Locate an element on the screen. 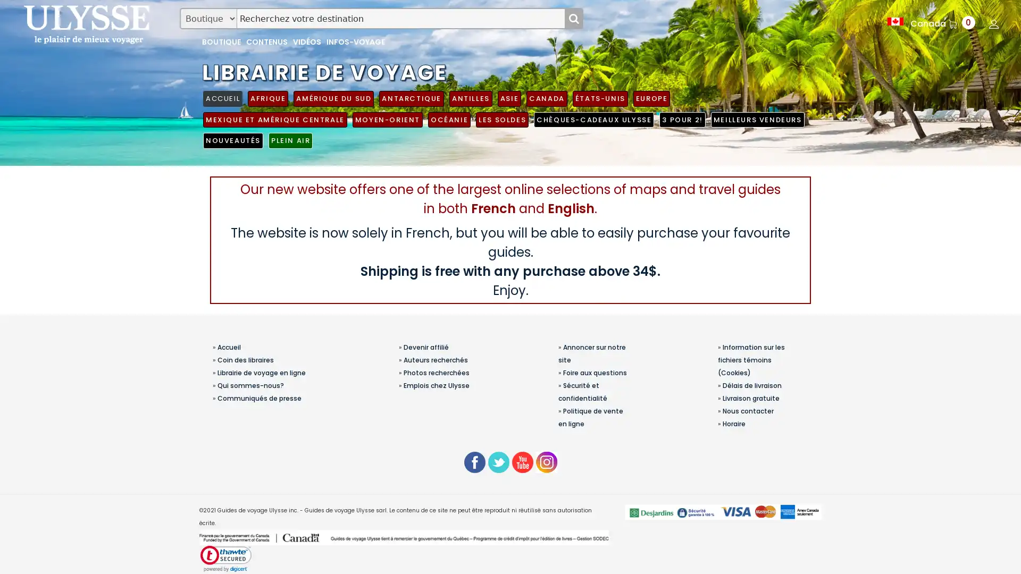  NOUVEAUTES is located at coordinates (232, 140).